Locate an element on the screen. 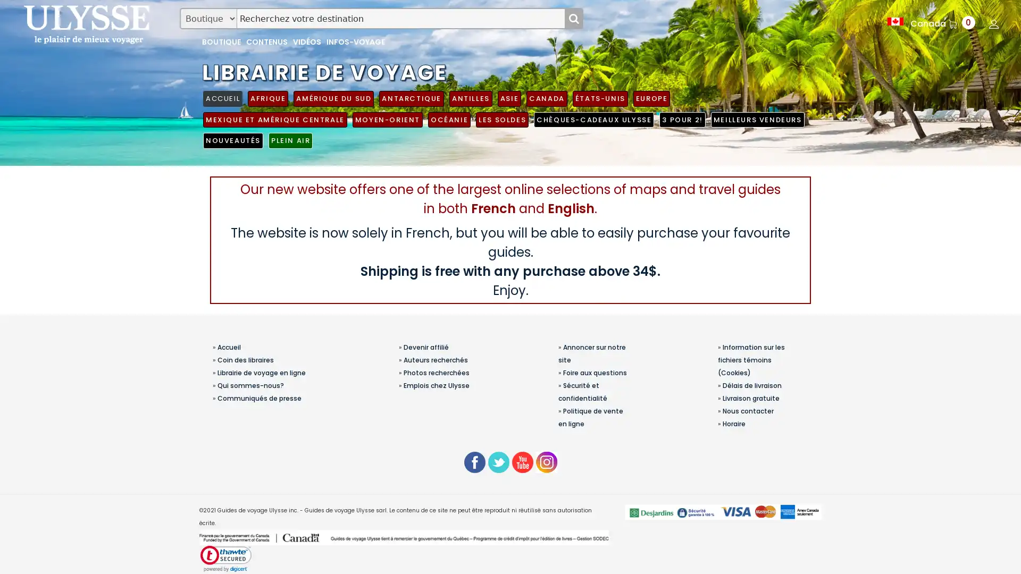  NOUVEAUTES is located at coordinates (232, 140).